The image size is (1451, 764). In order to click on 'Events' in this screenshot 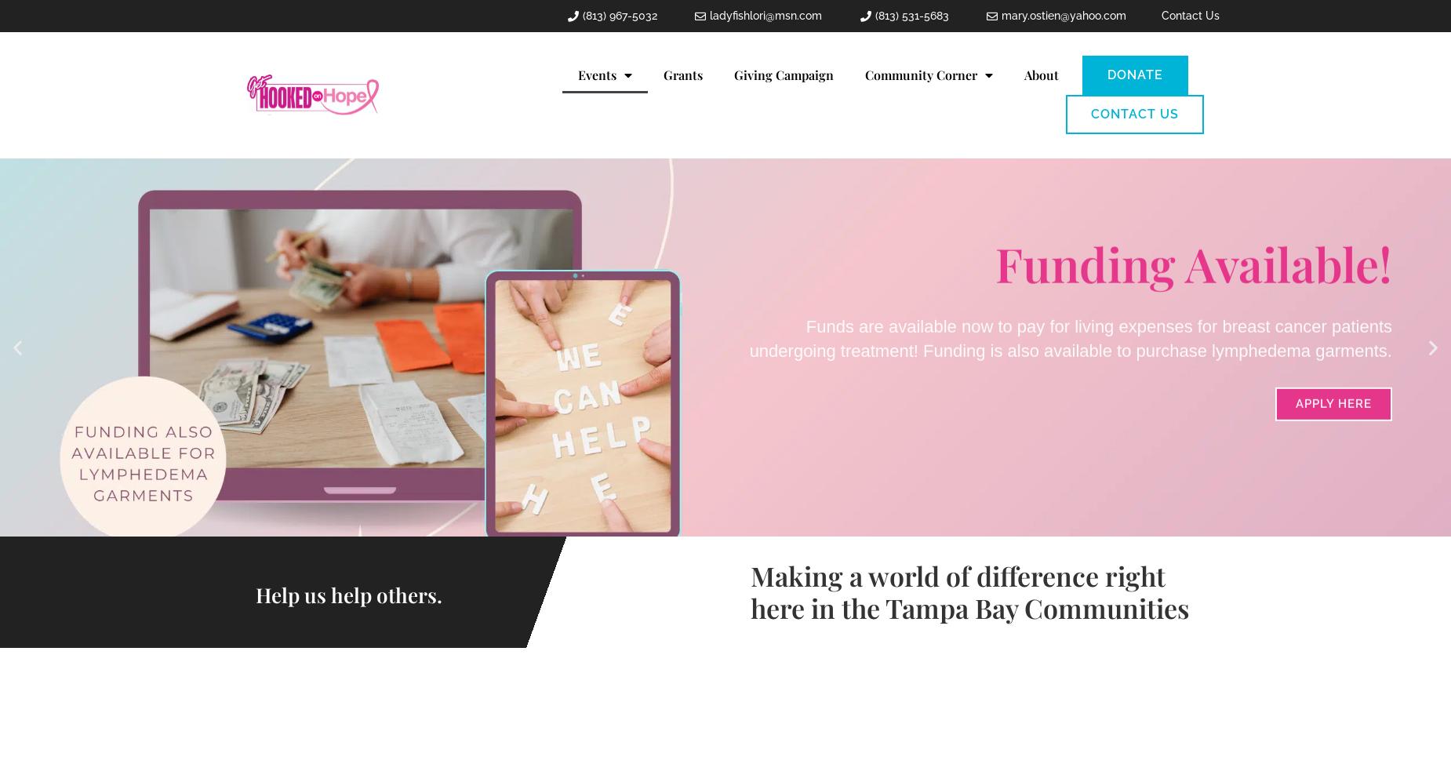, I will do `click(596, 74)`.